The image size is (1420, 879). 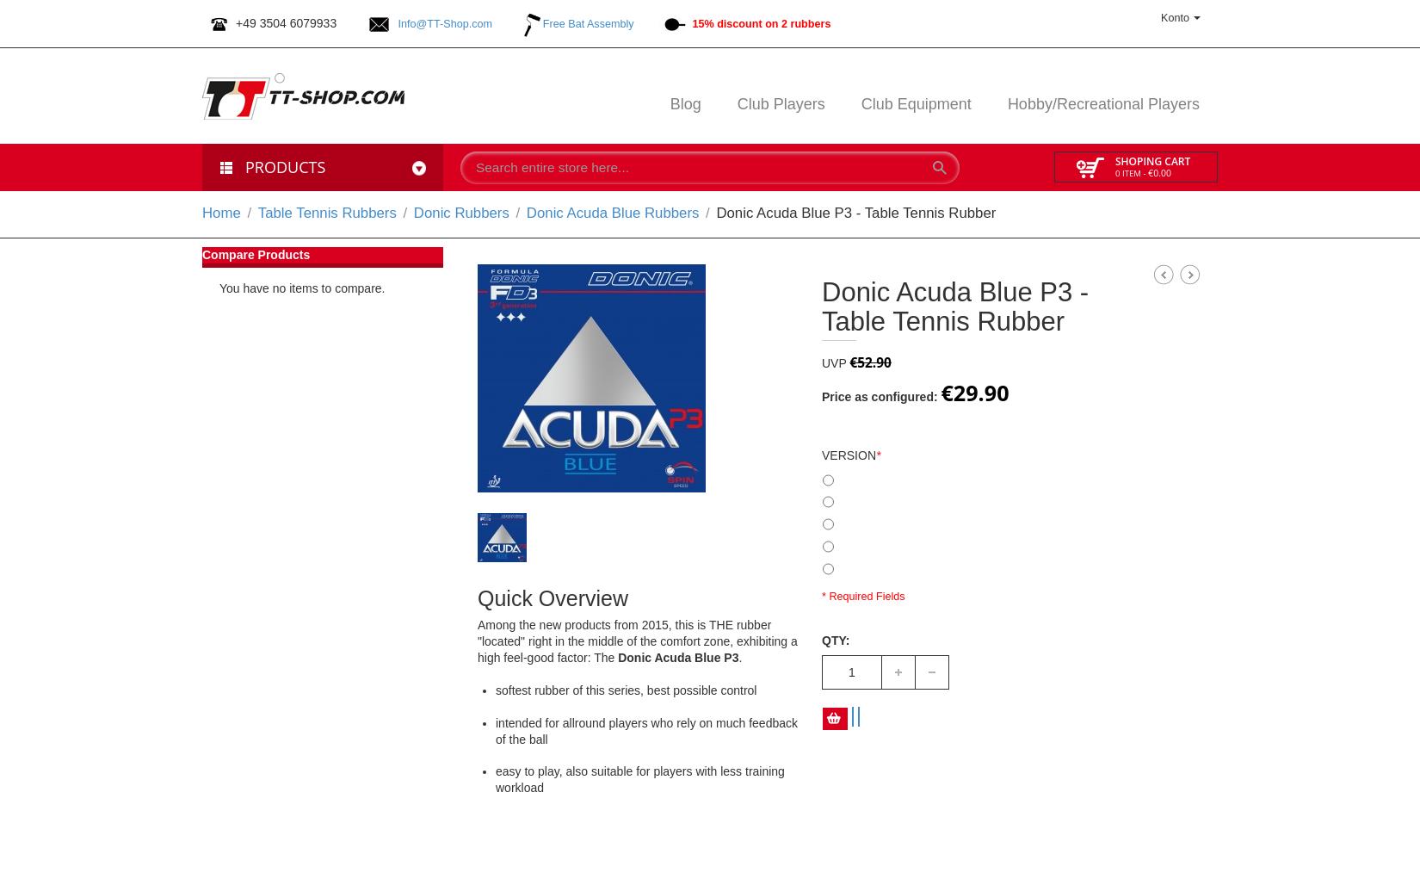 I want to click on 'Free Bat Assembly', so click(x=586, y=22).